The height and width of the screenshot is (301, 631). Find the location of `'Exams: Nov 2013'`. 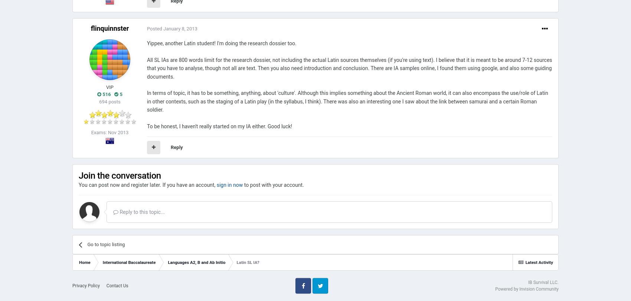

'Exams: Nov 2013' is located at coordinates (109, 132).